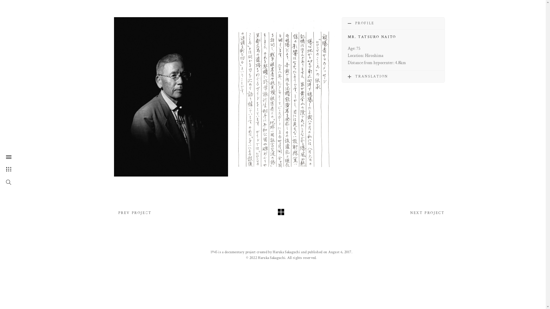 The height and width of the screenshot is (309, 550). I want to click on 'PROFILE', so click(342, 23).